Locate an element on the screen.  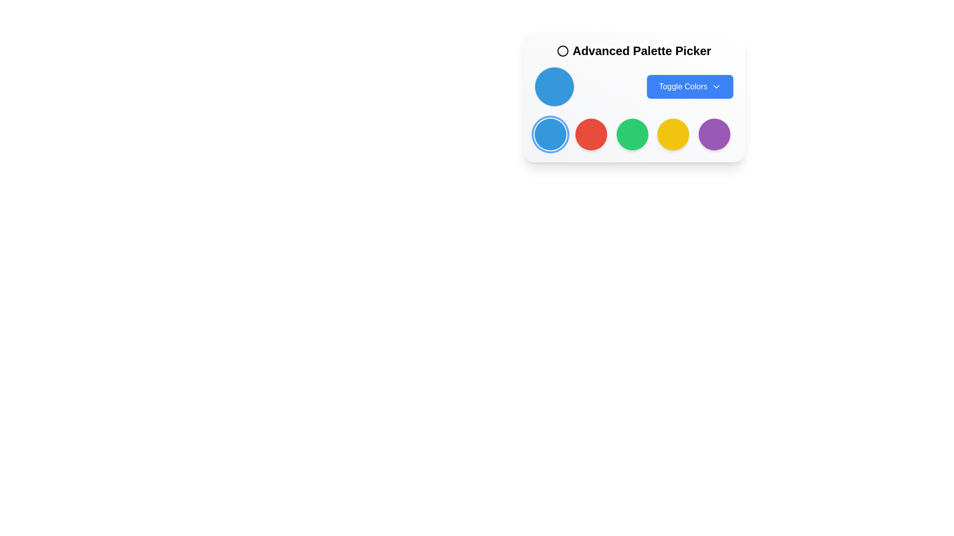
the green color selection button is located at coordinates (632, 134).